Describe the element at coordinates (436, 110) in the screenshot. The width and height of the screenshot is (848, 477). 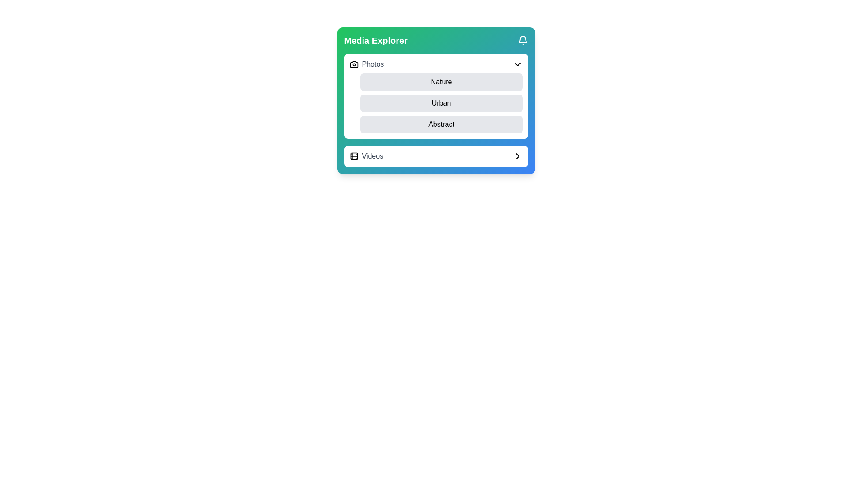
I see `the 'Urban' option in the vertically stacked options under the 'Photos' section` at that location.